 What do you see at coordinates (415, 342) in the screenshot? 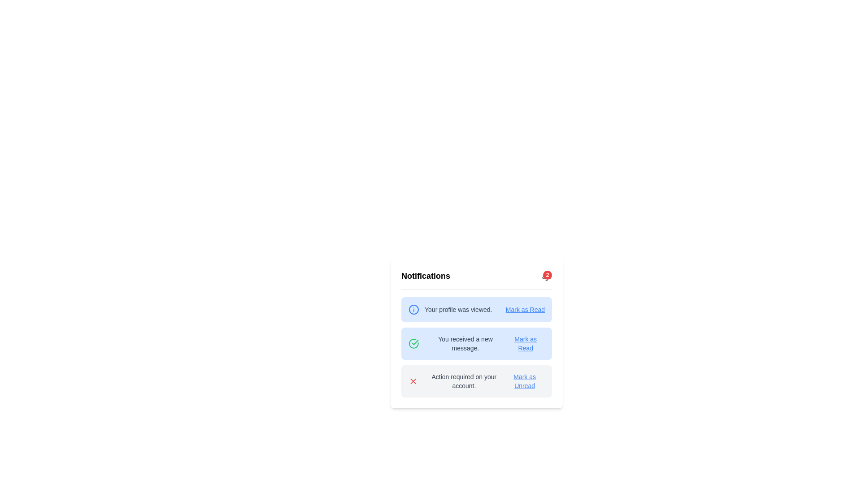
I see `the green checkmark icon within a circular frame, which is part of the notification UI element` at bounding box center [415, 342].